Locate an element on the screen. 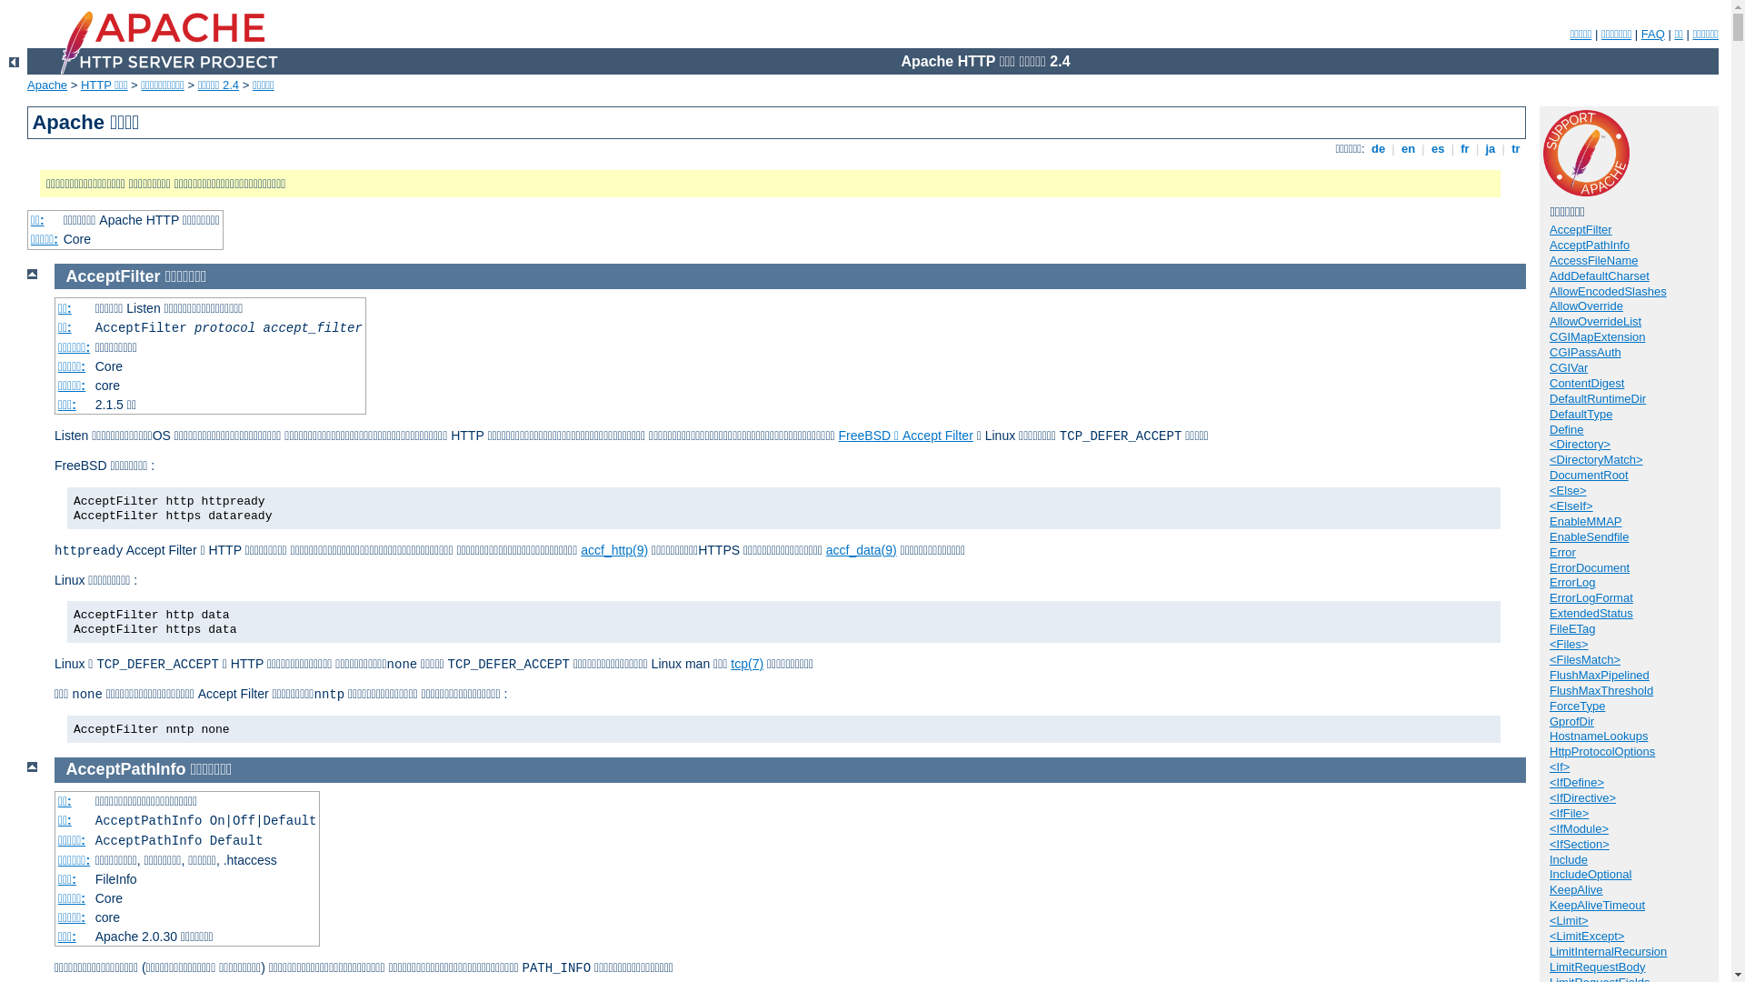 The image size is (1745, 982). 'ErrorDocument' is located at coordinates (1588, 566).